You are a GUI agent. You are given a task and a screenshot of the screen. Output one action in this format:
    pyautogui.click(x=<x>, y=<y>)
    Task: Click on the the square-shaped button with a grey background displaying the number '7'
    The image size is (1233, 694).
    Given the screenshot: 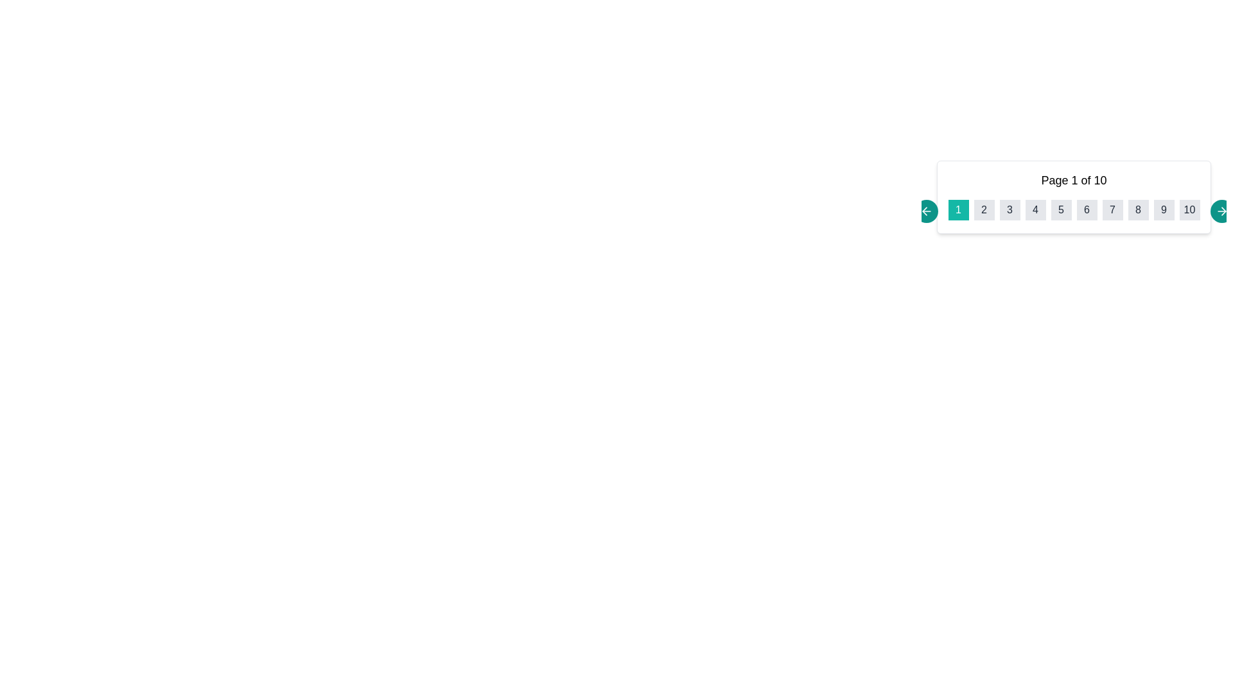 What is the action you would take?
    pyautogui.click(x=1112, y=209)
    